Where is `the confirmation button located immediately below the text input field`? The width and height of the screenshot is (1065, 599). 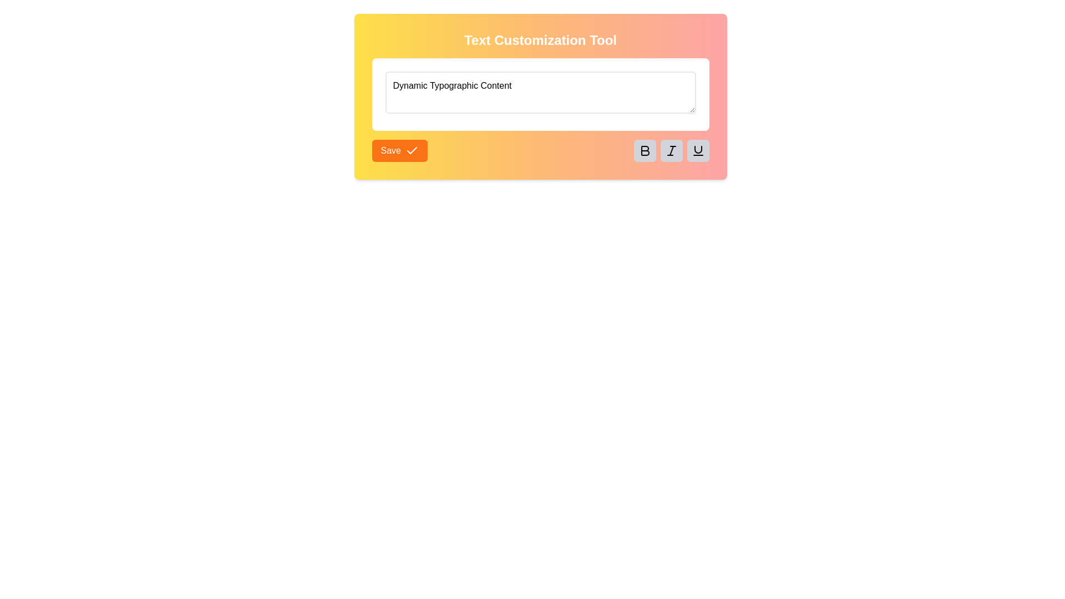
the confirmation button located immediately below the text input field is located at coordinates (399, 151).